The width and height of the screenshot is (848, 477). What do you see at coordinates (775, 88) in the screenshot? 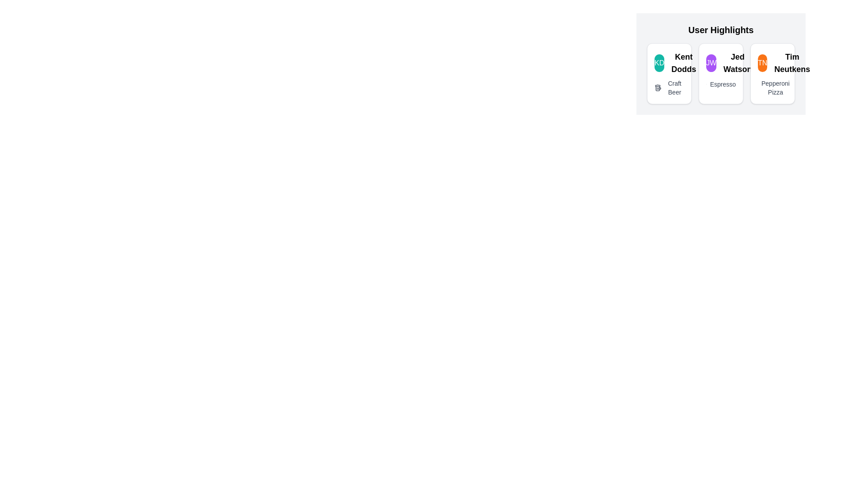
I see `the text label displaying 'Pepperoni Pizza', which is part of the user highlight section associated with Tim Neutkens, located in the third card of user cards` at bounding box center [775, 88].